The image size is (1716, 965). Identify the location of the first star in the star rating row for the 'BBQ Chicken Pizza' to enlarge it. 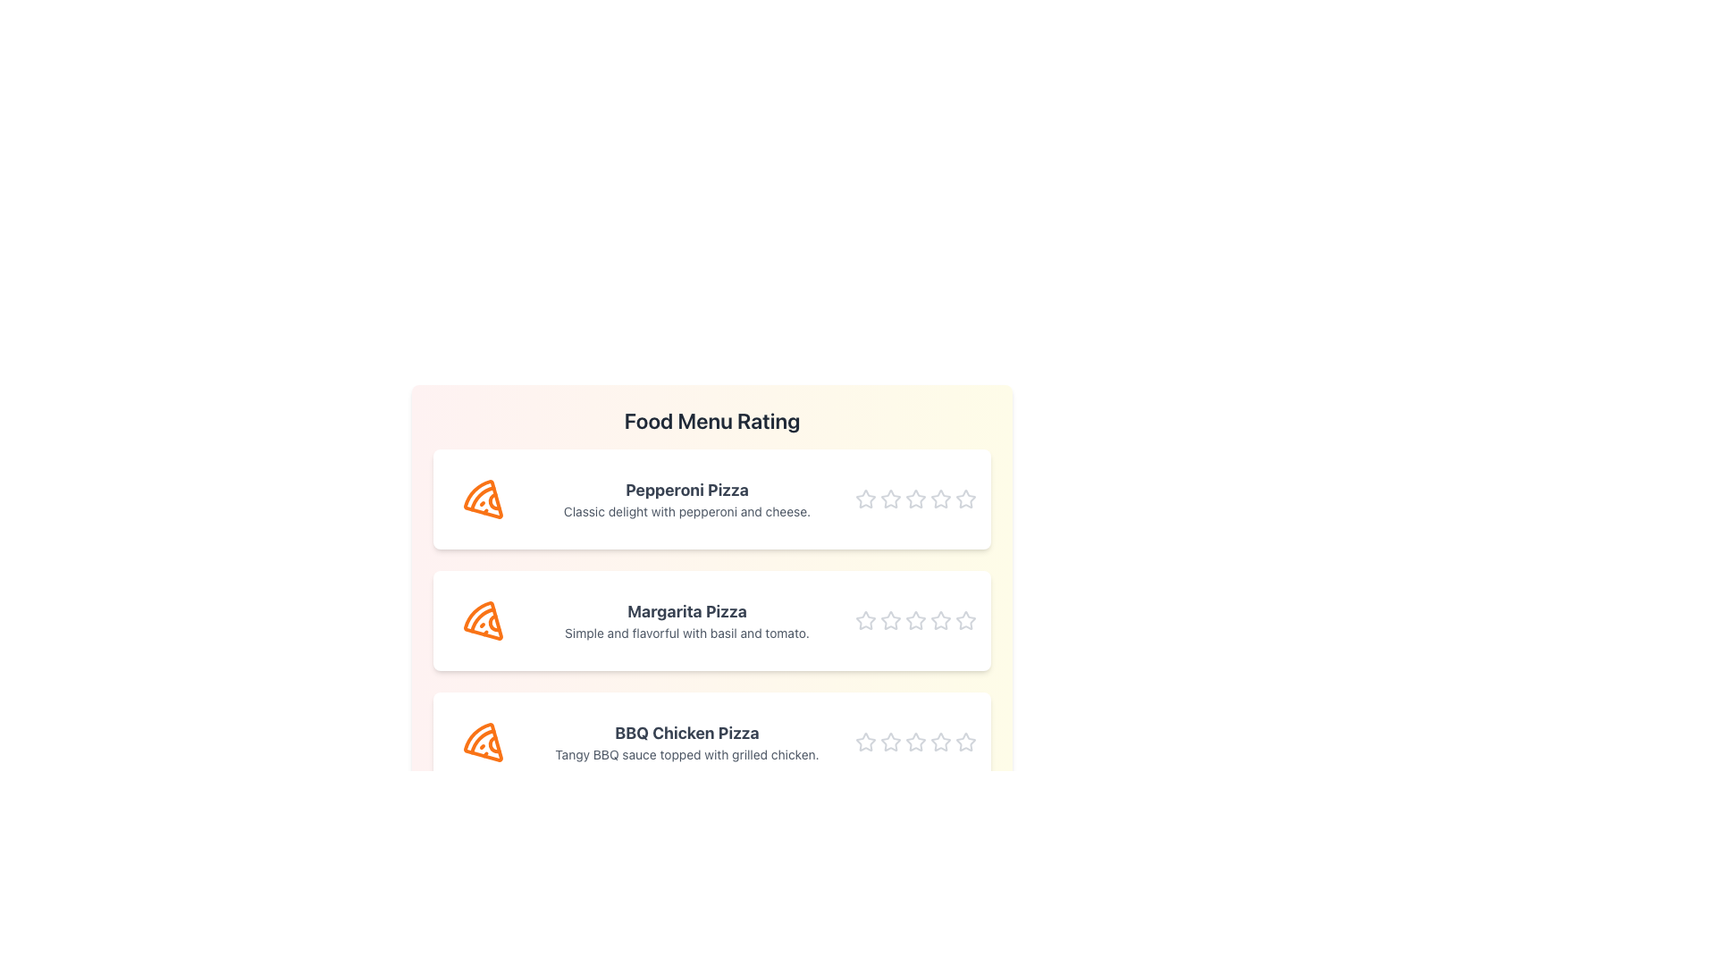
(866, 742).